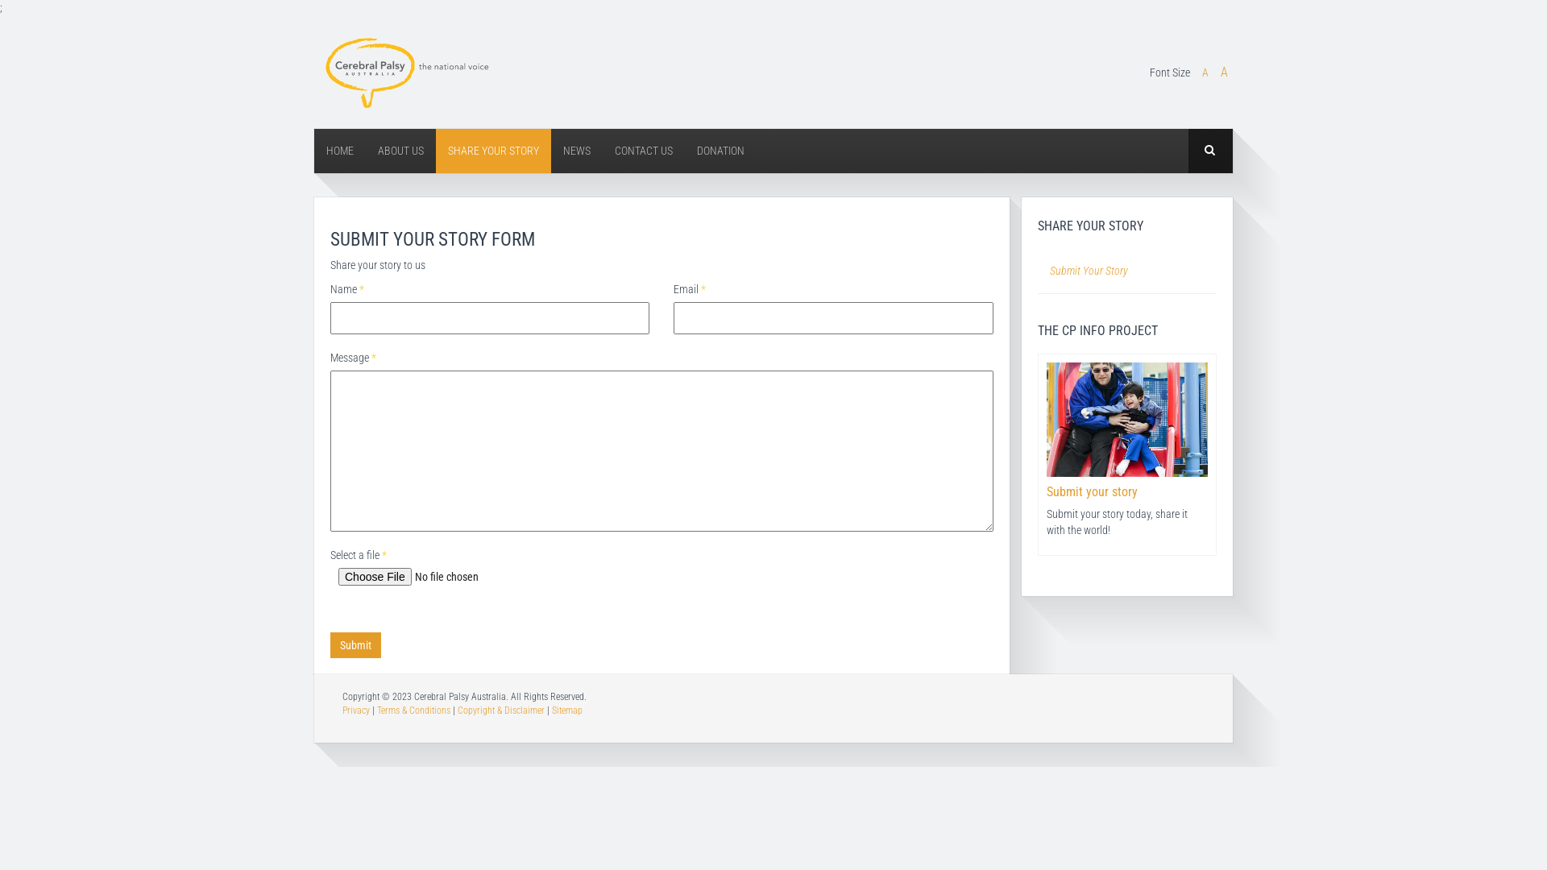 The image size is (1547, 870). What do you see at coordinates (1205, 71) in the screenshot?
I see `'A'` at bounding box center [1205, 71].